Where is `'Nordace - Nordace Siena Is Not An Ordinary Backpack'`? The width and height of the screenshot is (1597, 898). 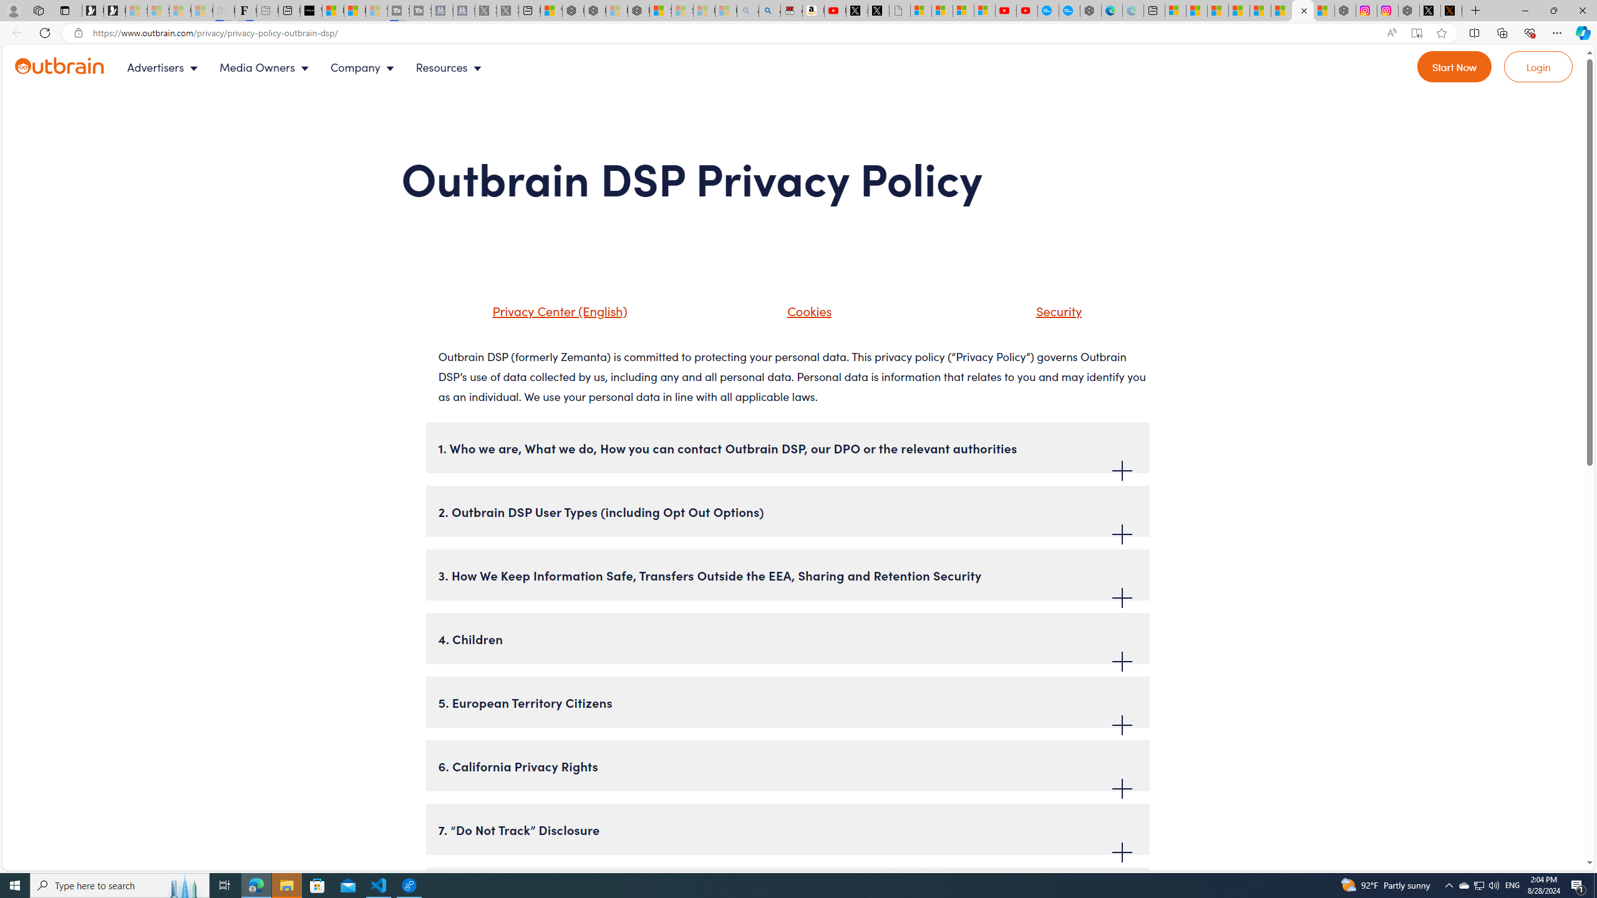
'Nordace - Nordace Siena Is Not An Ordinary Backpack' is located at coordinates (638, 10).